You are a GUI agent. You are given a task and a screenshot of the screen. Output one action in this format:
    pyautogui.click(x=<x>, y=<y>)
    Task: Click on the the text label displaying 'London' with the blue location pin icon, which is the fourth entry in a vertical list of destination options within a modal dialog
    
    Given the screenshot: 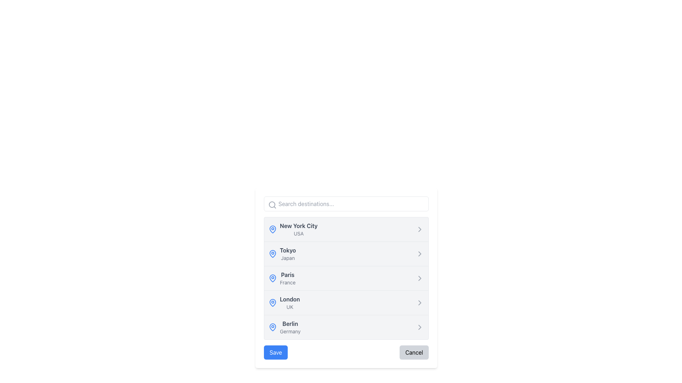 What is the action you would take?
    pyautogui.click(x=284, y=302)
    